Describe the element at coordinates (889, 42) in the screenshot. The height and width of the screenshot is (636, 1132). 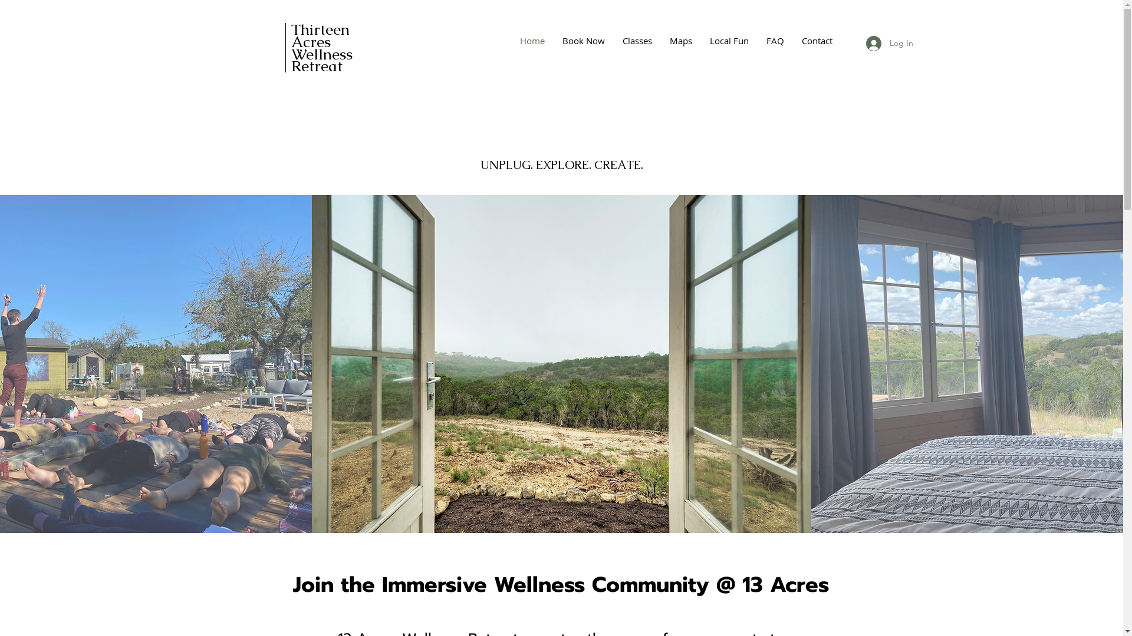
I see `'Log In'` at that location.